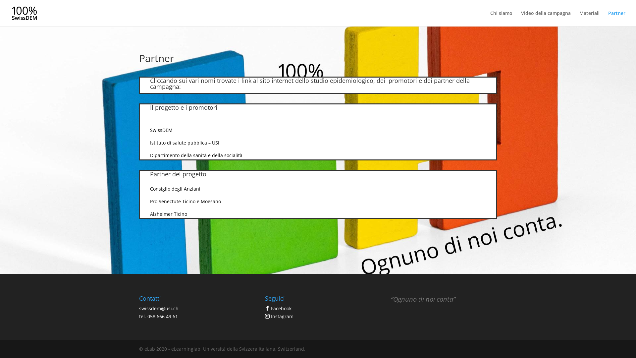 The height and width of the screenshot is (358, 636). Describe the element at coordinates (149, 201) in the screenshot. I see `'Pro Senectute Ticino e Moesano'` at that location.